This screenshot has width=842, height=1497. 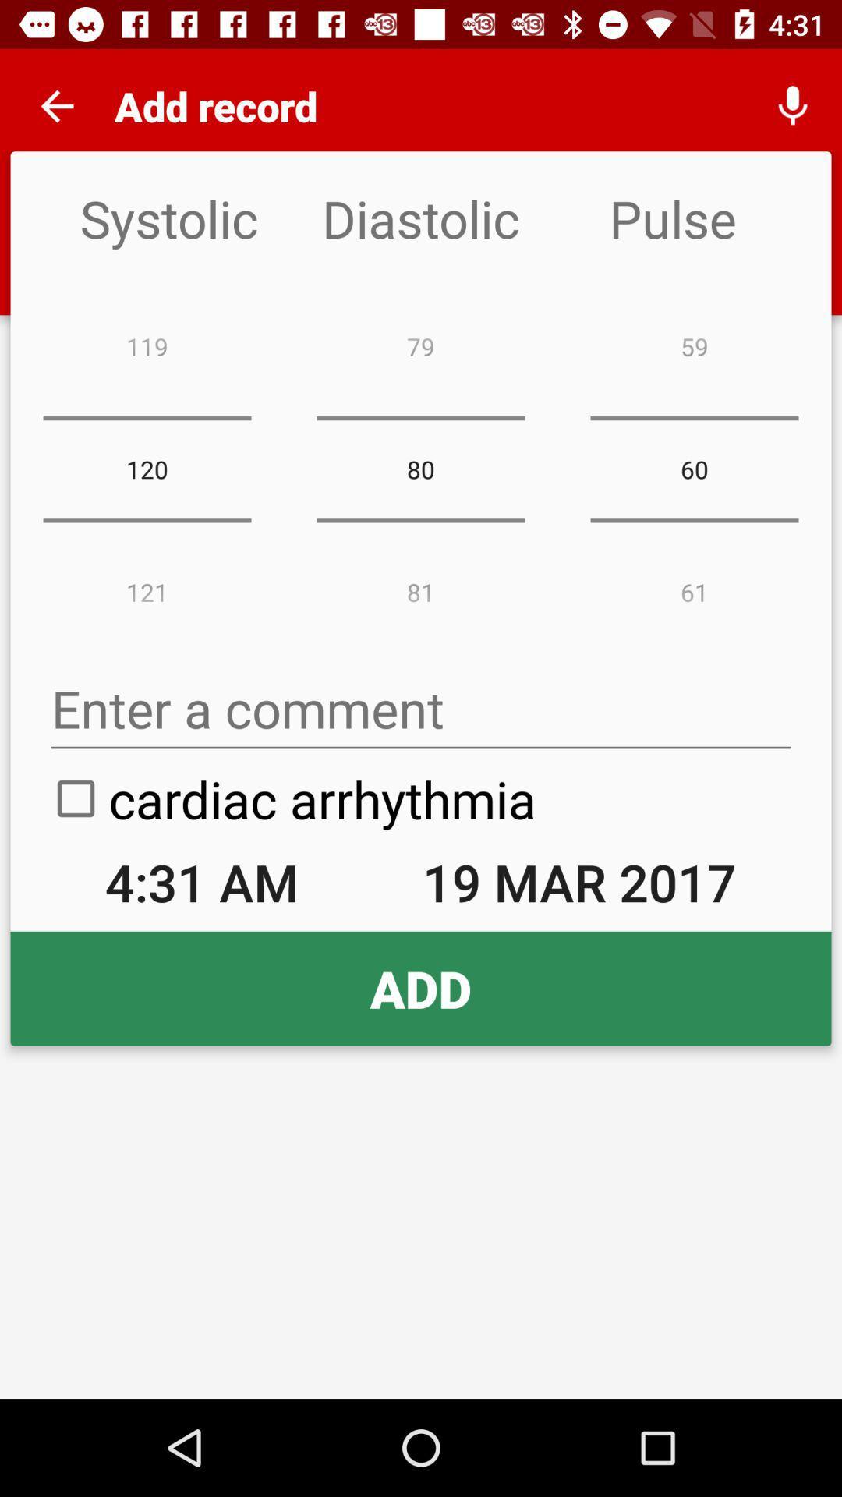 I want to click on comment, so click(x=421, y=708).